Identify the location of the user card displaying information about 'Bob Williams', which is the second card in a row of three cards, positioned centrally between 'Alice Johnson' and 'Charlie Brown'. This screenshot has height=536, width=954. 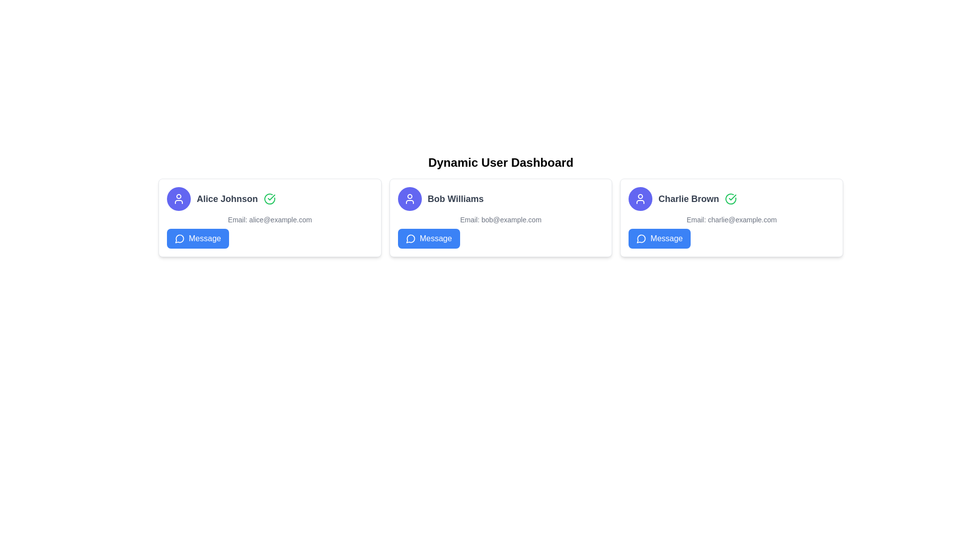
(501, 217).